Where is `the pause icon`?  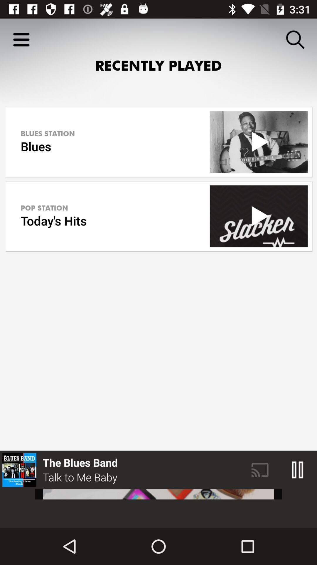 the pause icon is located at coordinates (298, 470).